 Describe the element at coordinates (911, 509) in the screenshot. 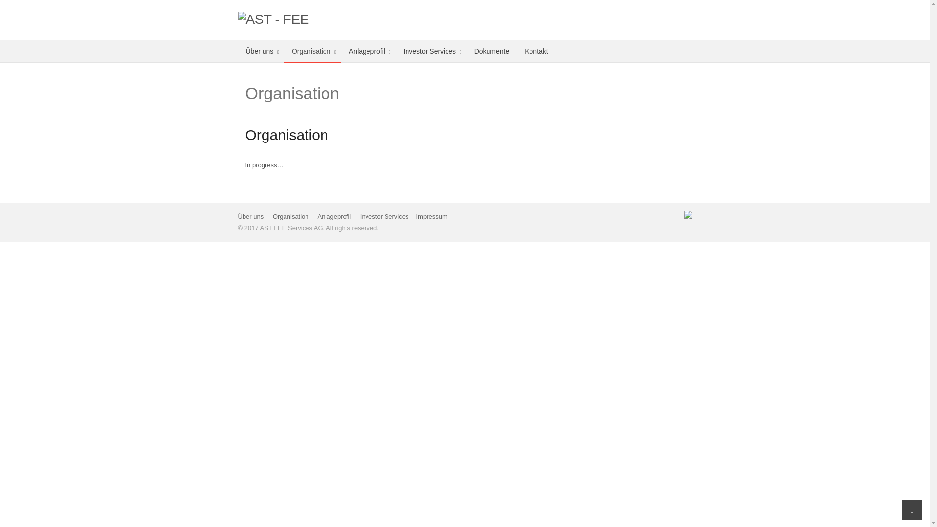

I see `'scroll to top'` at that location.